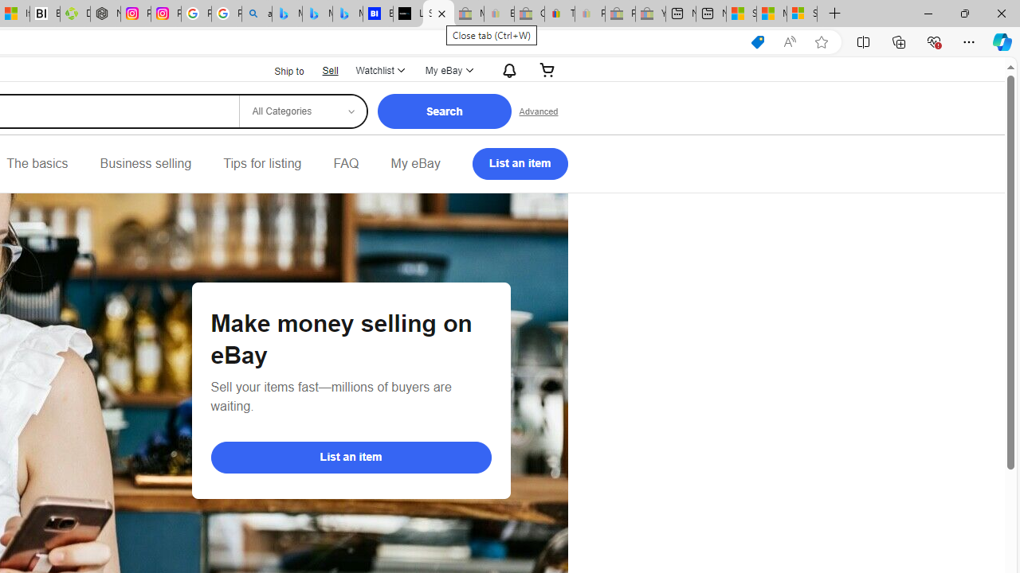 Image resolution: width=1020 pixels, height=573 pixels. I want to click on 'Tips for listing', so click(262, 163).